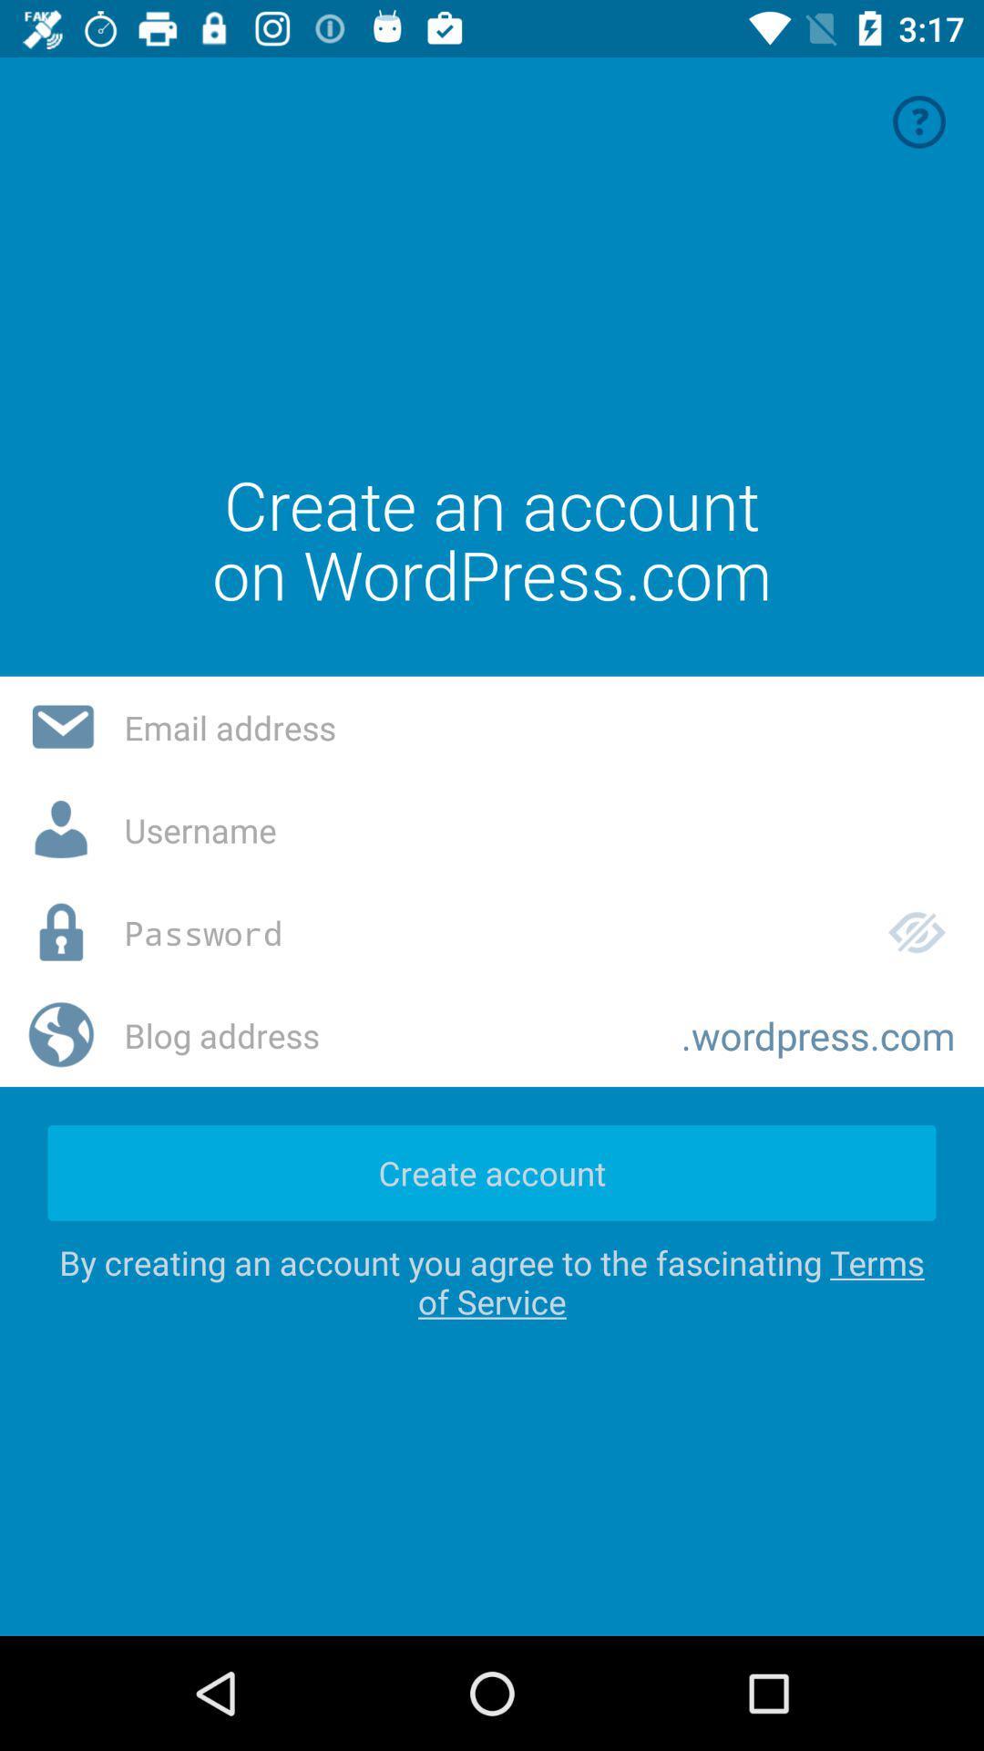  What do you see at coordinates (538, 726) in the screenshot?
I see `insert email address` at bounding box center [538, 726].